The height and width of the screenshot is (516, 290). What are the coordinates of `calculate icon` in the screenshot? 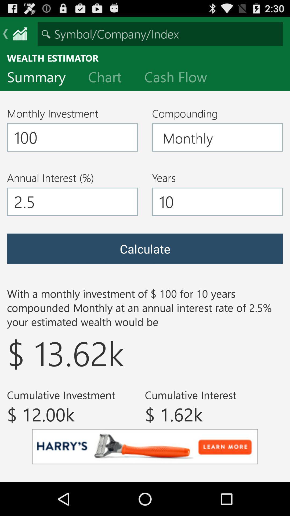 It's located at (145, 248).